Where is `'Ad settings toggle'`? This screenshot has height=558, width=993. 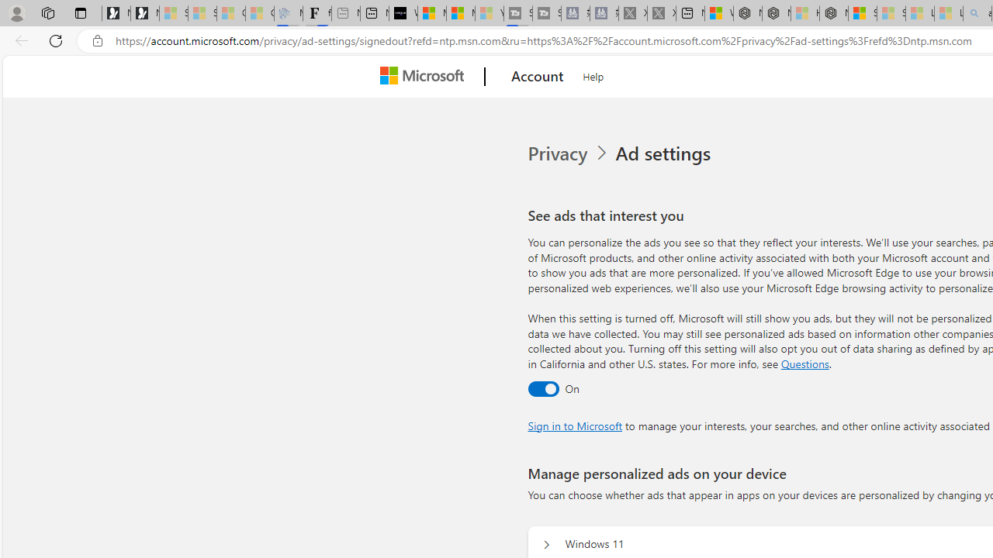
'Ad settings toggle' is located at coordinates (543, 387).